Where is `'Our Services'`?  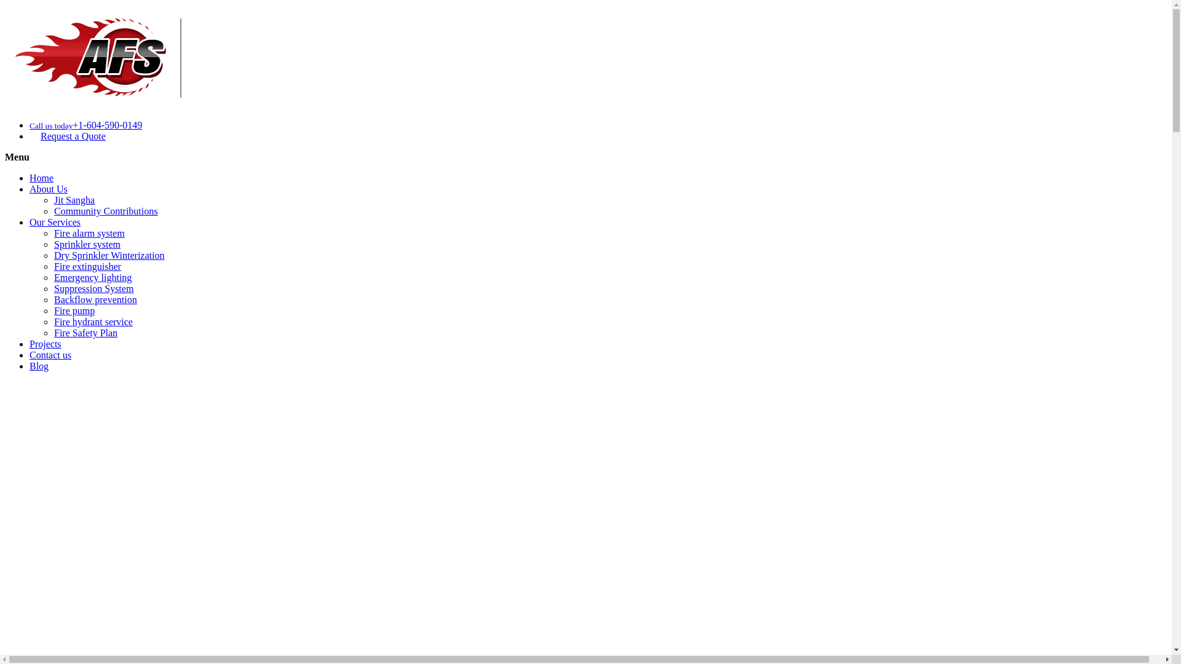 'Our Services' is located at coordinates (30, 222).